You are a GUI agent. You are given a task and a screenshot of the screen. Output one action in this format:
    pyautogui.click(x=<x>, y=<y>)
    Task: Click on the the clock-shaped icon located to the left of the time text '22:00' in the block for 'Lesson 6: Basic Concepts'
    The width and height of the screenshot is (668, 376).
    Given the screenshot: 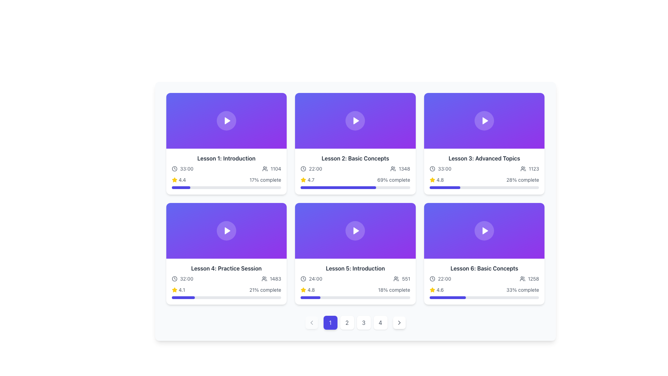 What is the action you would take?
    pyautogui.click(x=432, y=279)
    